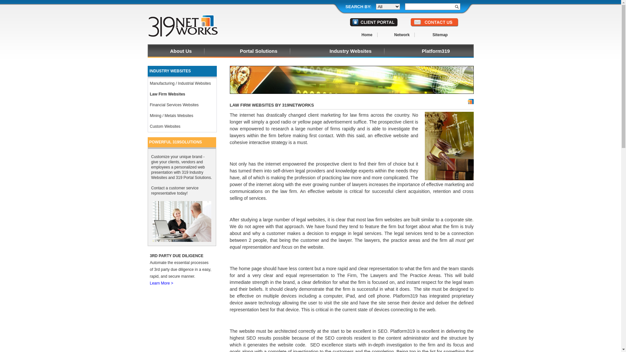 The width and height of the screenshot is (626, 352). Describe the element at coordinates (147, 72) in the screenshot. I see `'INDUSTRY WEBSITES'` at that location.